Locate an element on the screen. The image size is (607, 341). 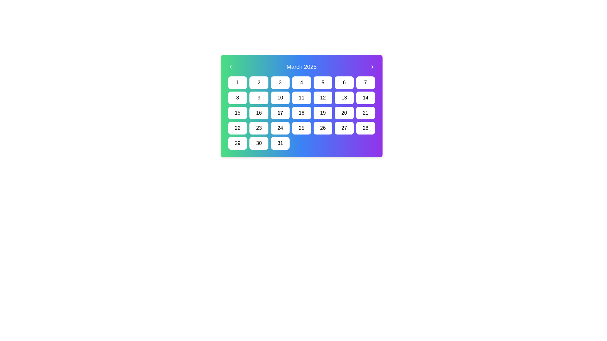
the first day of the month button in the calendar interface, which is located at the top-left corner of the grid layout is located at coordinates (237, 82).